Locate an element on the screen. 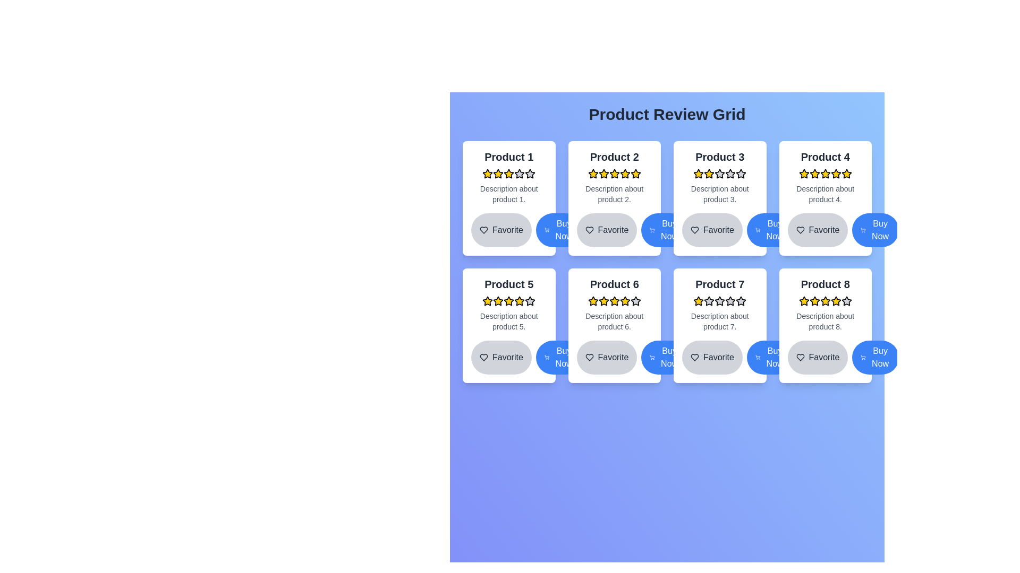 The width and height of the screenshot is (1020, 573). the third star in the graphical rating component for Product 2 to interact with it is located at coordinates (614, 173).